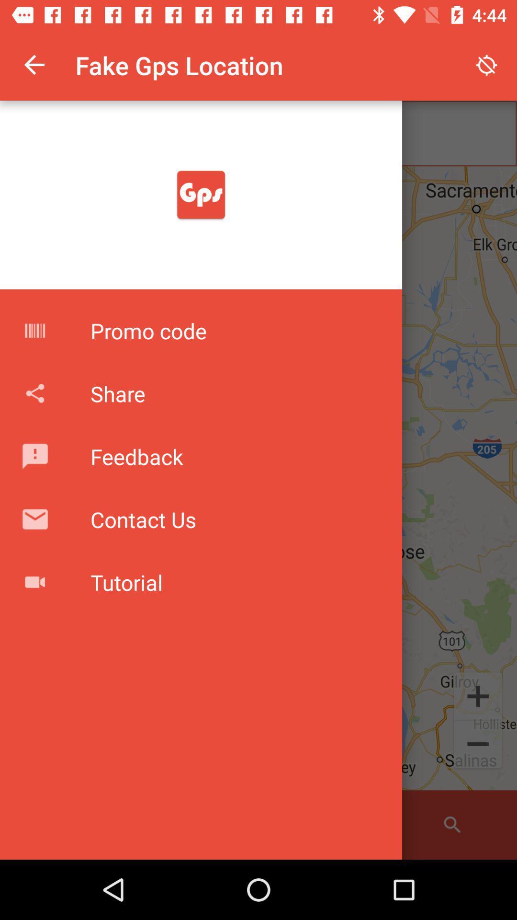 This screenshot has height=920, width=517. I want to click on the add icon, so click(478, 695).